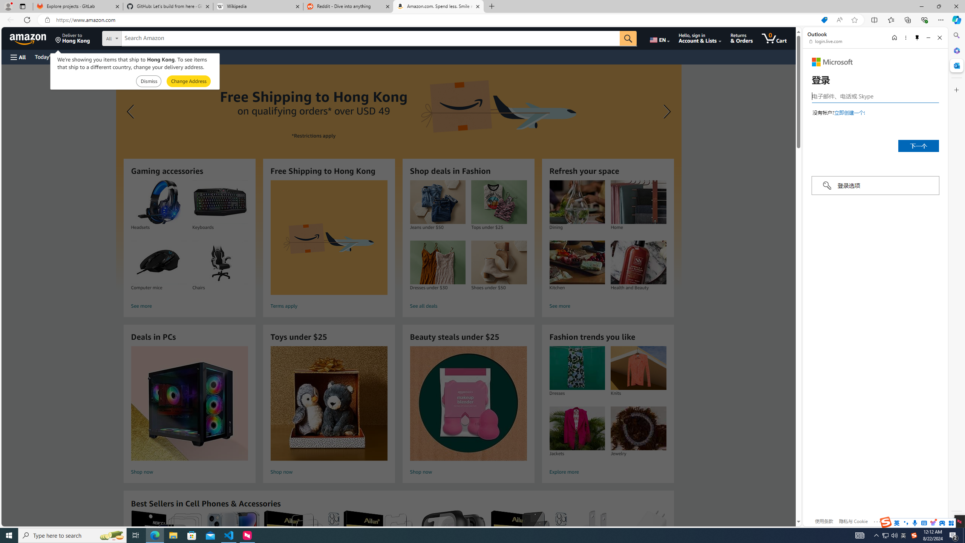  What do you see at coordinates (576, 368) in the screenshot?
I see `'Dresses'` at bounding box center [576, 368].